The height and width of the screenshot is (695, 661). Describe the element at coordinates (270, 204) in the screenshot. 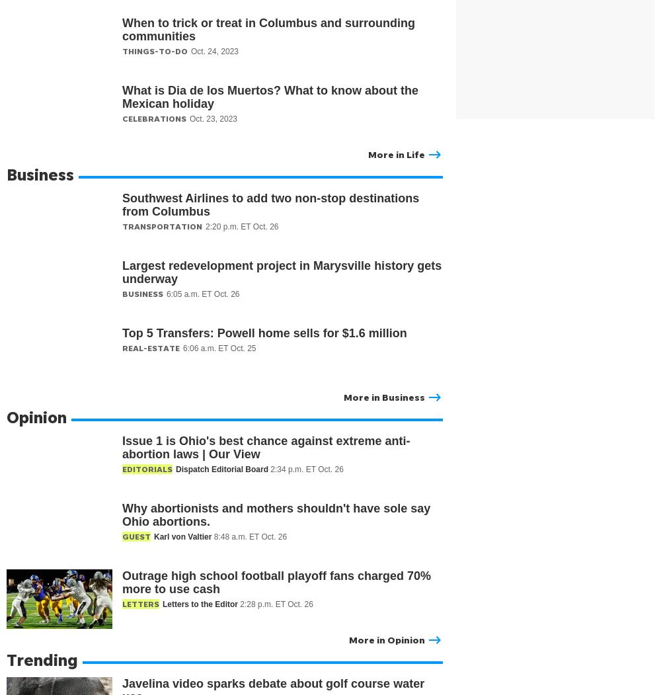

I see `'Southwest Airlines to add two non-stop destinations from Columbus'` at that location.